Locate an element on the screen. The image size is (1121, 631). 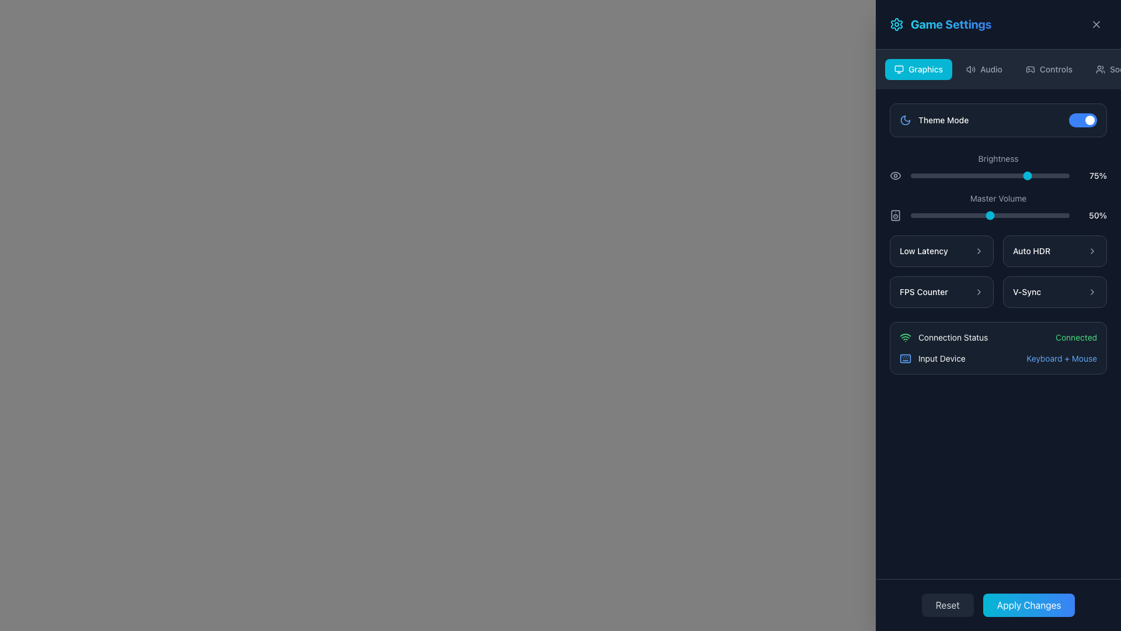
the 'Low Latency' button, which is a rectangular button with a dark background and rounded corners, containing the text 'Low Latency' aligned to the left and a right-pointing arrow icon next to it is located at coordinates (941, 250).